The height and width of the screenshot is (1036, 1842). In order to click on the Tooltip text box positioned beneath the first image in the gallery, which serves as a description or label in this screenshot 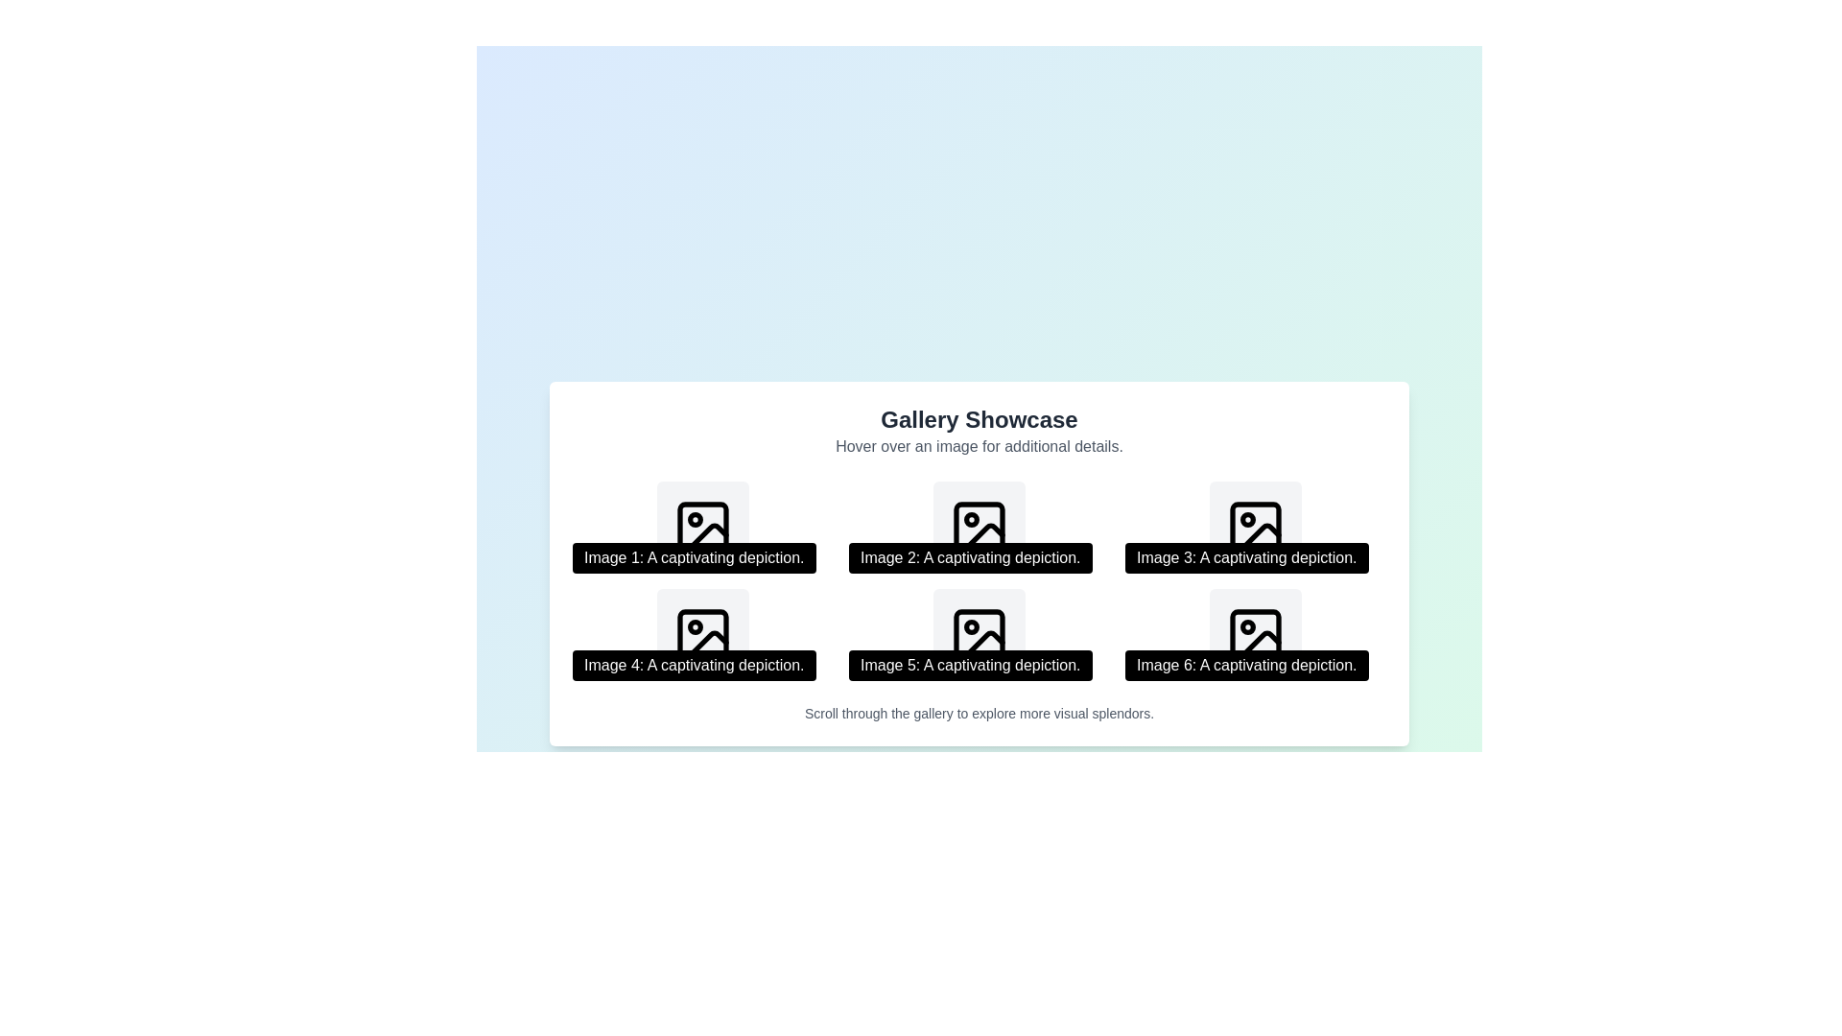, I will do `click(702, 528)`.